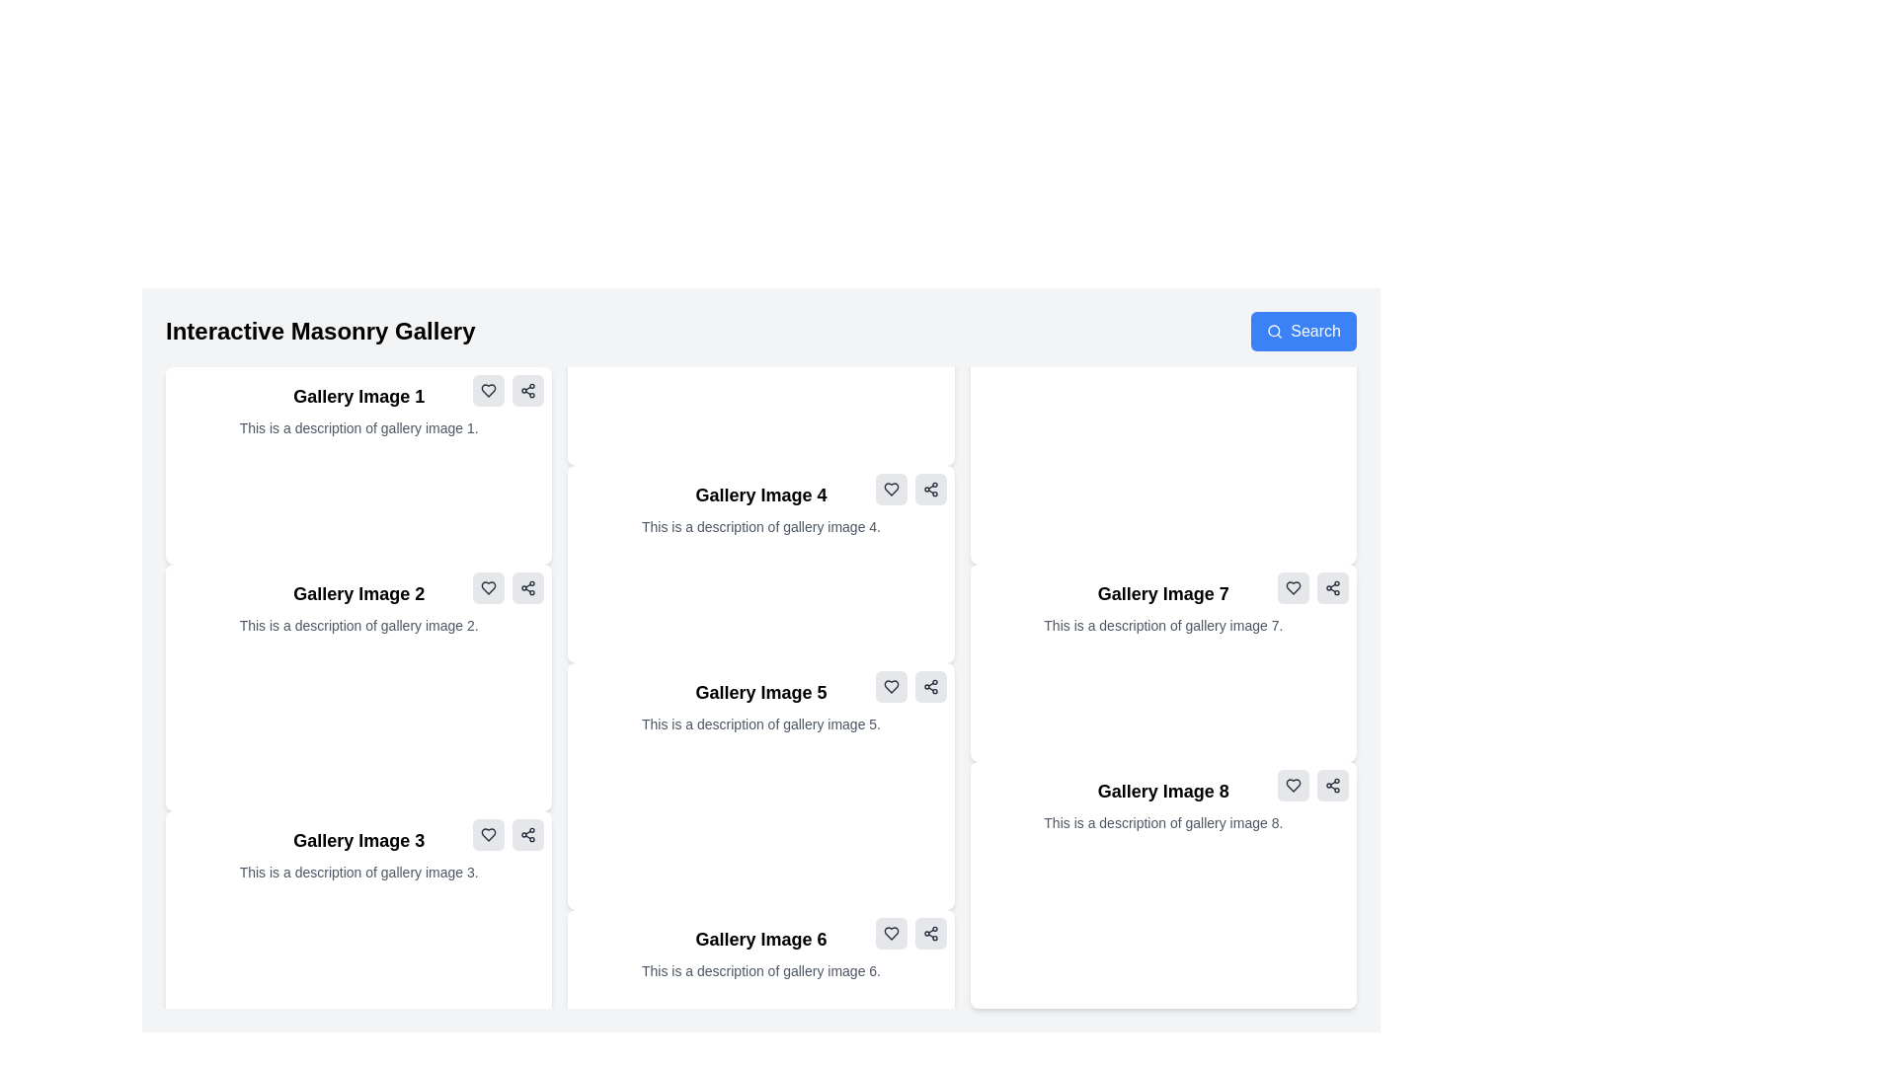  Describe the element at coordinates (1163, 822) in the screenshot. I see `text description located beneath the title 'Gallery Image 8' in the rightmost column of the eighth gallery item` at that location.